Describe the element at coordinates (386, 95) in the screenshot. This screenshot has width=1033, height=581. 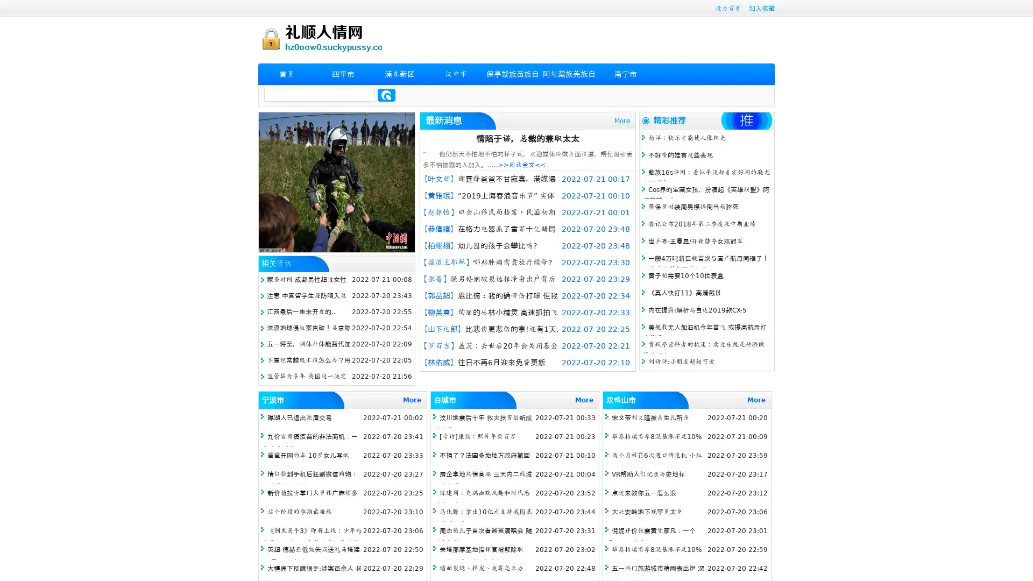
I see `Search` at that location.